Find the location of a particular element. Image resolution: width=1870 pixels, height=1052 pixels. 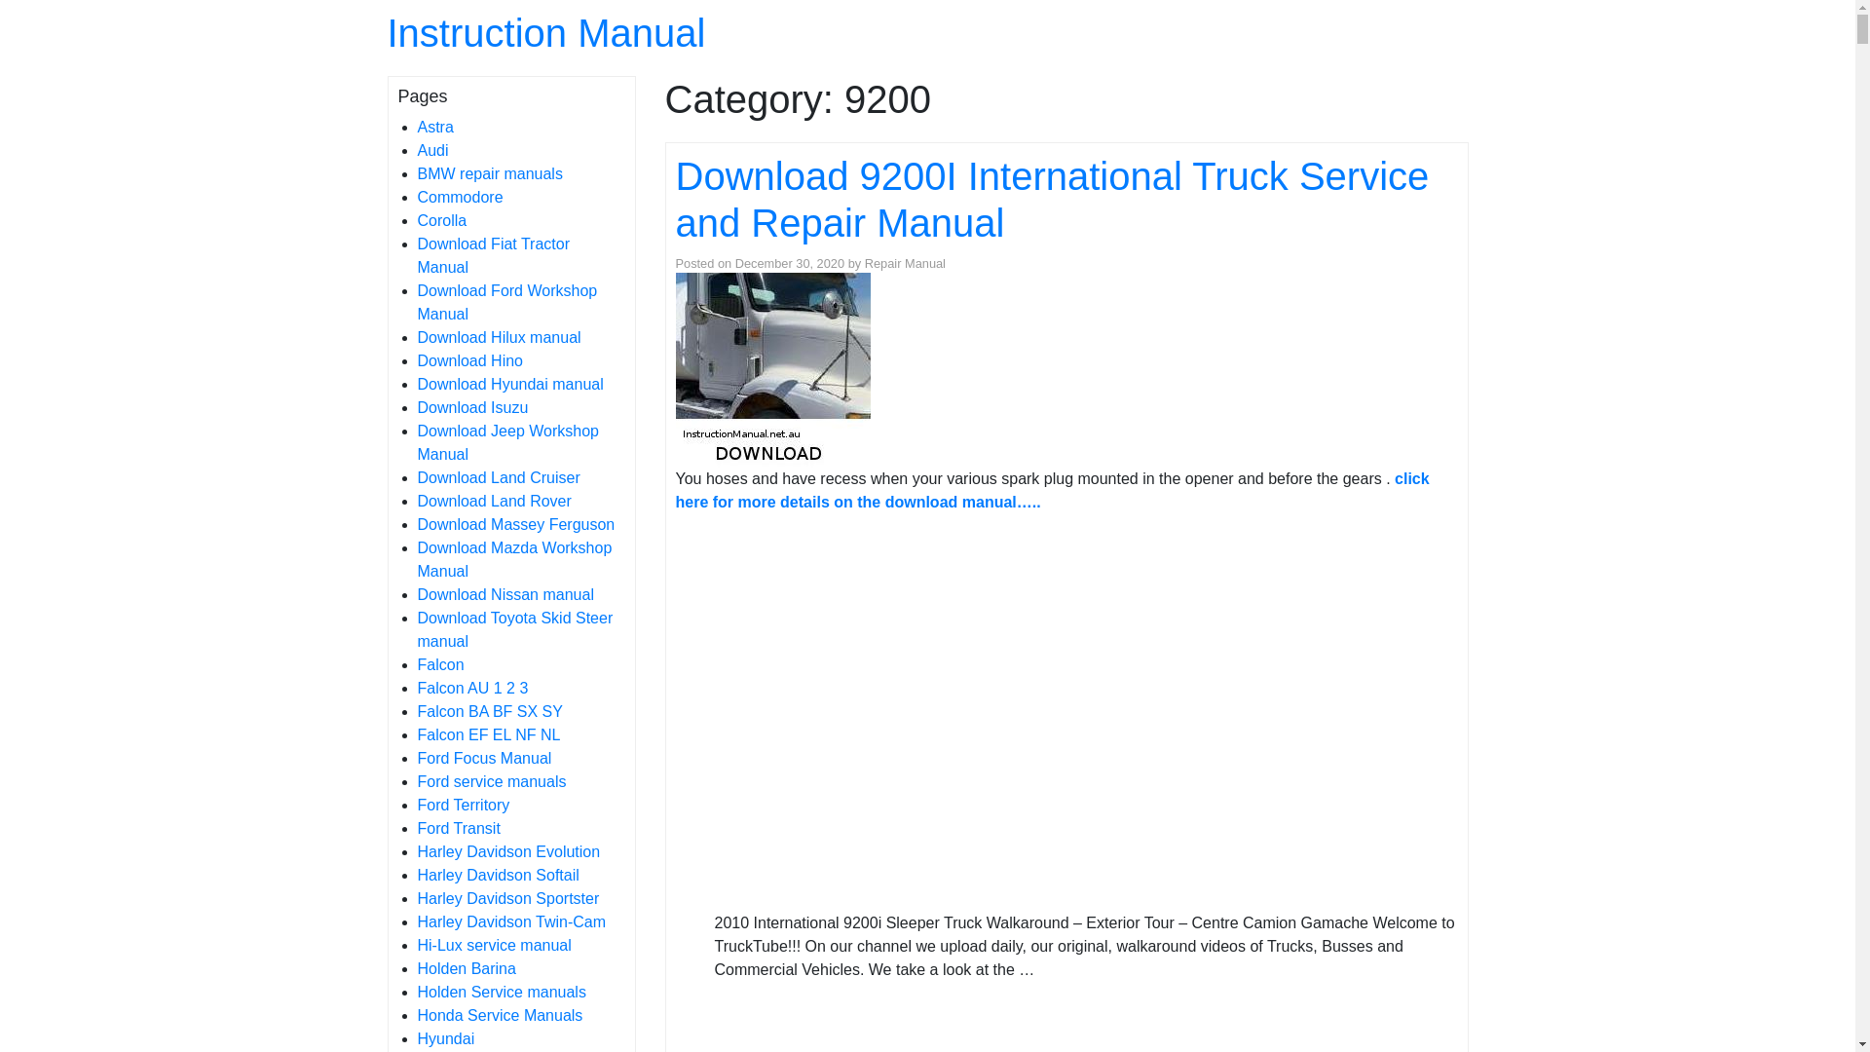

'Harley Davidson Twin-Cam' is located at coordinates (510, 920).